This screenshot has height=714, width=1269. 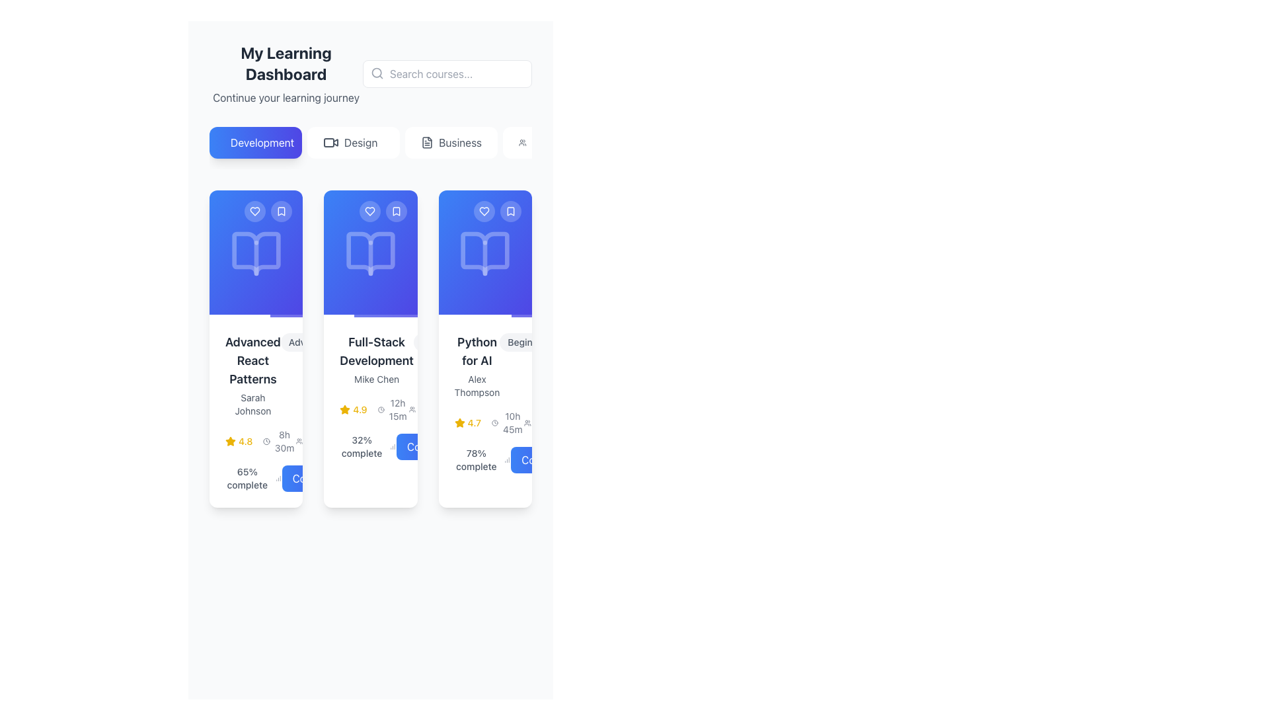 I want to click on the heart icon, so click(x=255, y=211).